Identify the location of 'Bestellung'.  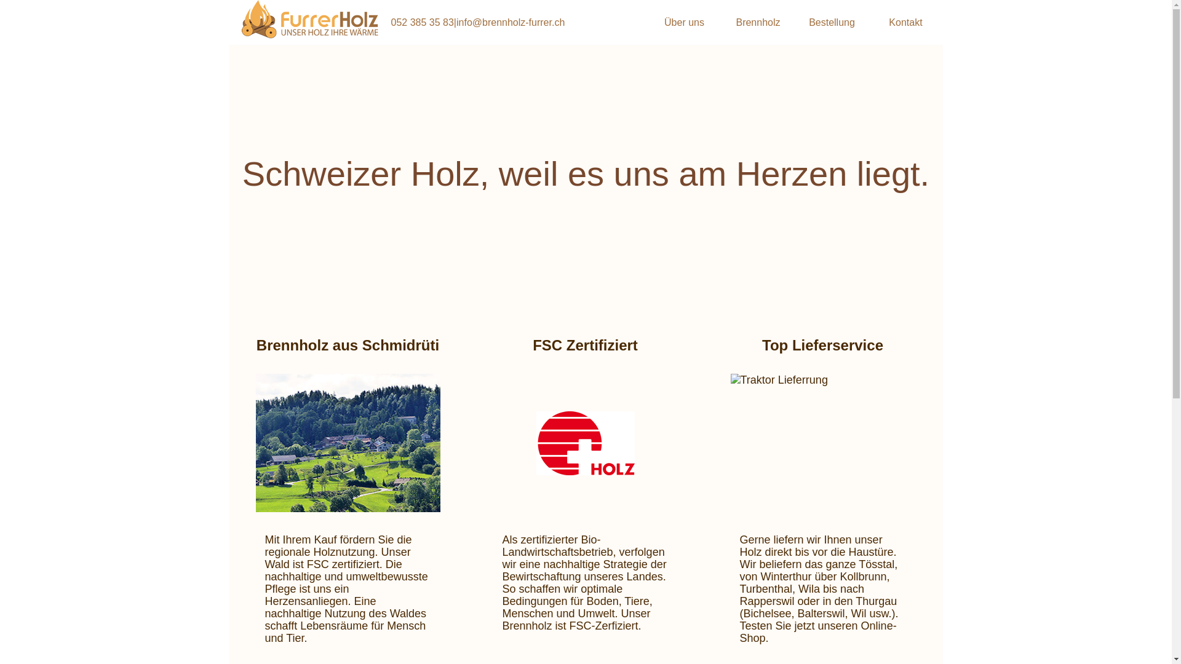
(832, 22).